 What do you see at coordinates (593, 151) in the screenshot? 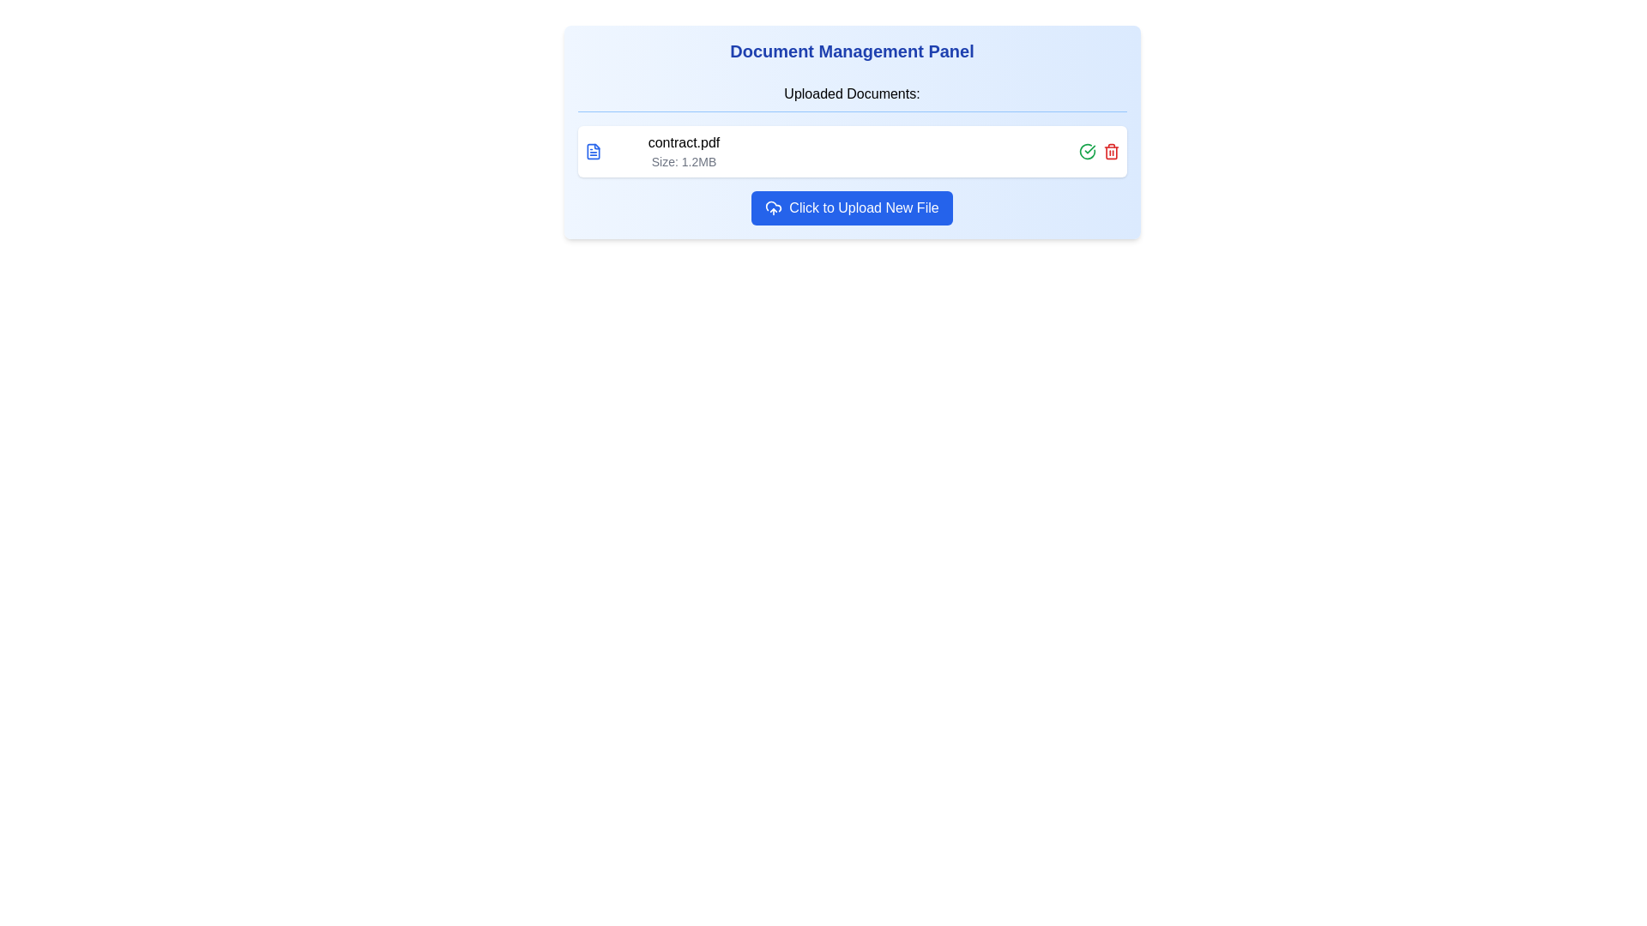
I see `the blue document icon located in the uploaded documents section, which is positioned immediately to the left of the text 'contract.pdf' and 'Size: 1.2MB'` at bounding box center [593, 151].